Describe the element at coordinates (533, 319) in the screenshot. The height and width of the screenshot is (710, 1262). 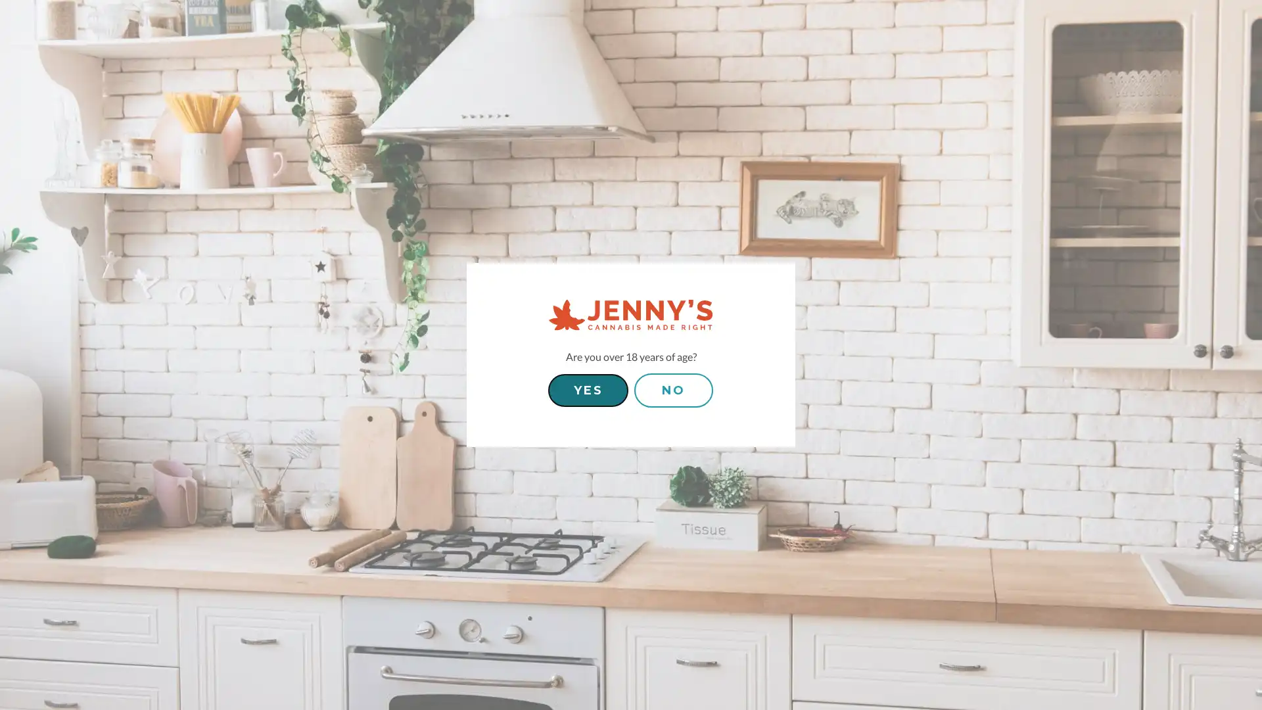
I see `Close this dialog window` at that location.